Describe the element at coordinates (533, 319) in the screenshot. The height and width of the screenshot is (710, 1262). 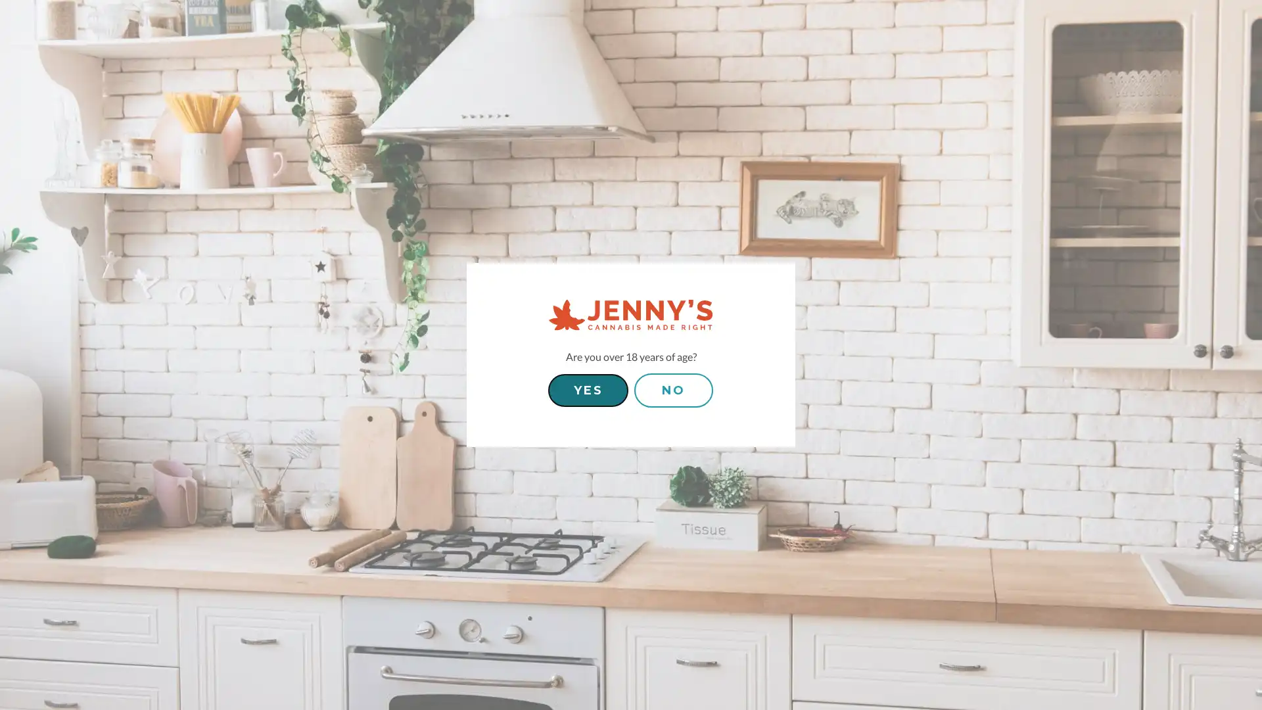
I see `Close this dialog window` at that location.